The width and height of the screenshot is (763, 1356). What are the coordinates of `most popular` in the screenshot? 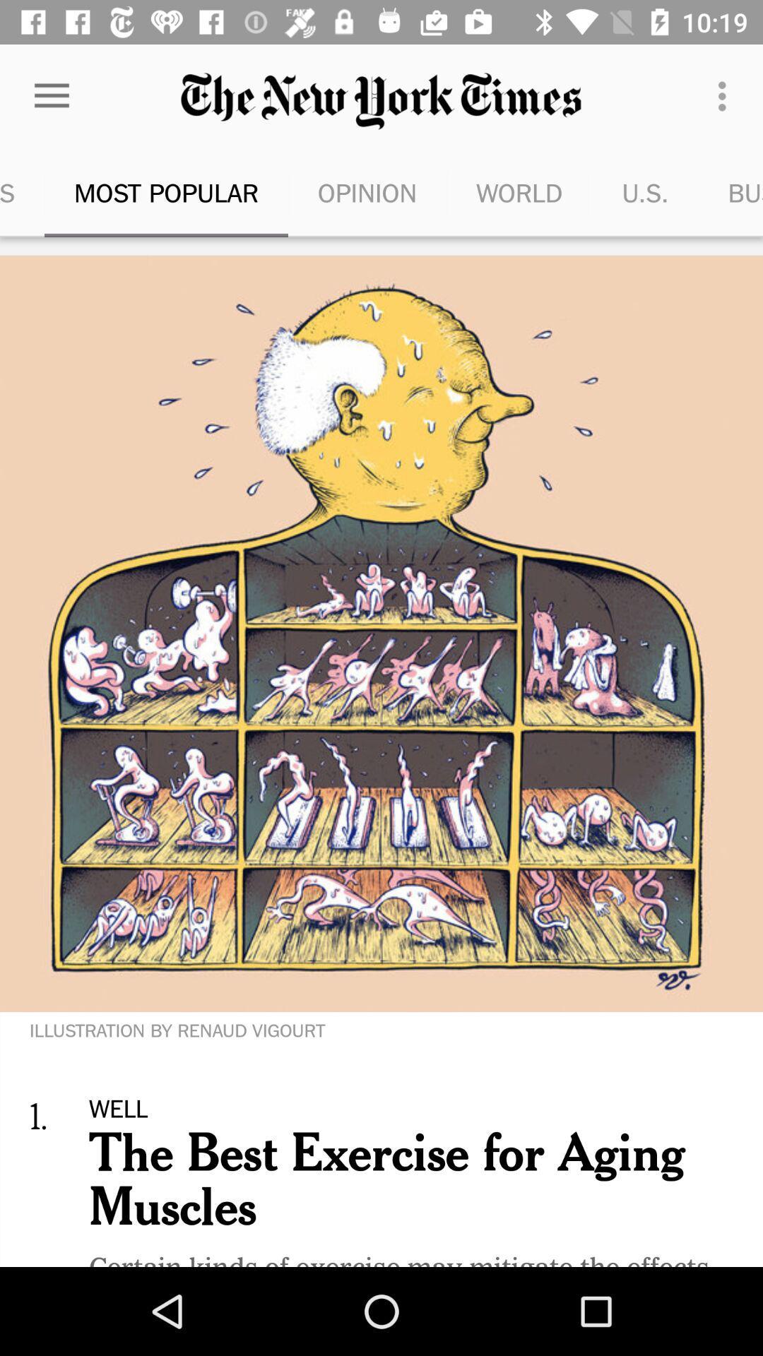 It's located at (165, 192).